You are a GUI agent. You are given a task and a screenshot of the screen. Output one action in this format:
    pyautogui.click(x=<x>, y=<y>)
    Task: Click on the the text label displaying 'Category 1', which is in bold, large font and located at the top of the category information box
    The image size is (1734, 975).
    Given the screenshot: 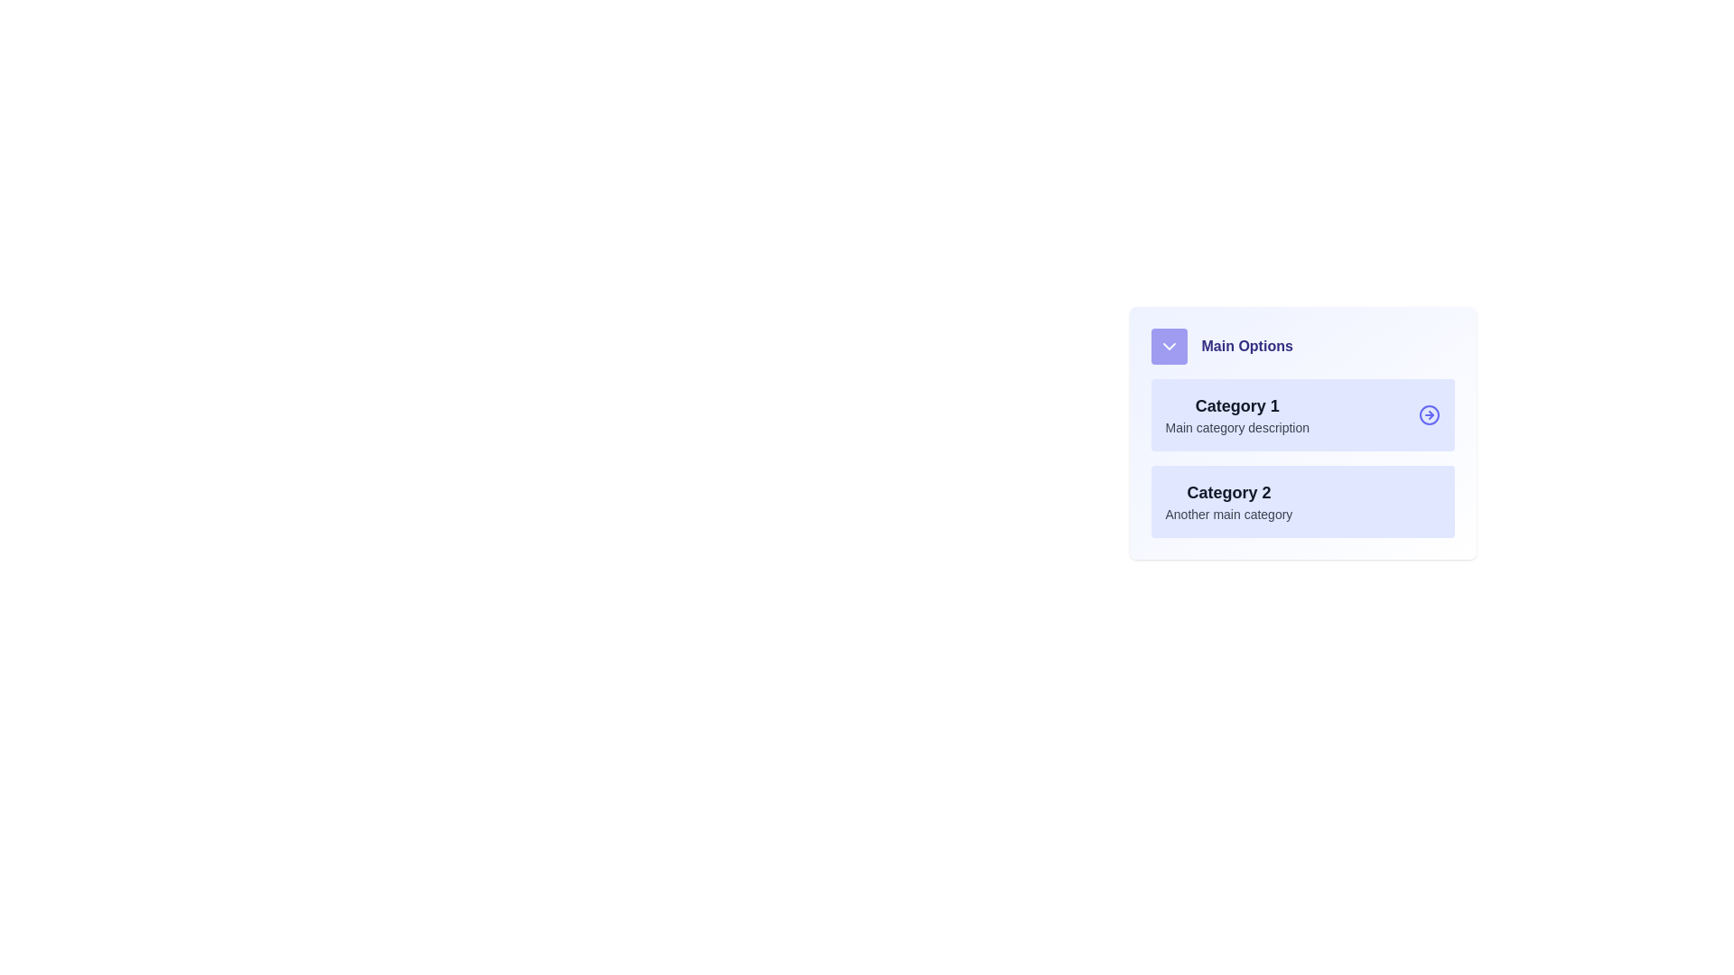 What is the action you would take?
    pyautogui.click(x=1236, y=406)
    